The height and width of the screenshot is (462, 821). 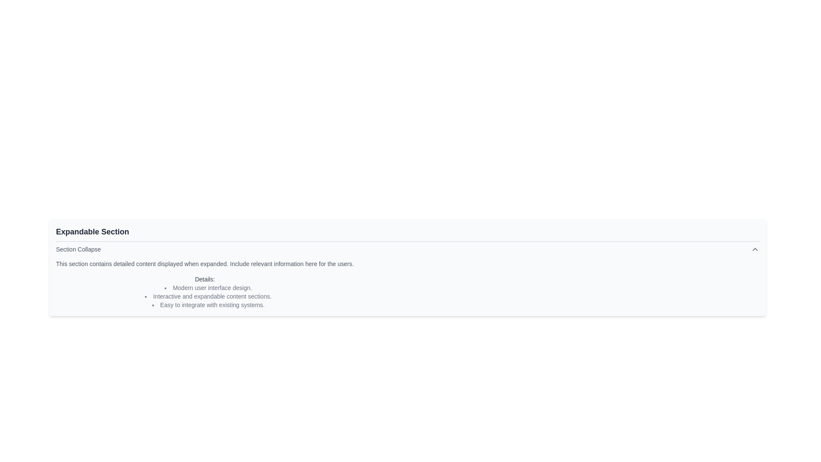 What do you see at coordinates (208, 296) in the screenshot?
I see `the second item in the bulleted list under the section titled 'Details', which describes features of the expandable section` at bounding box center [208, 296].